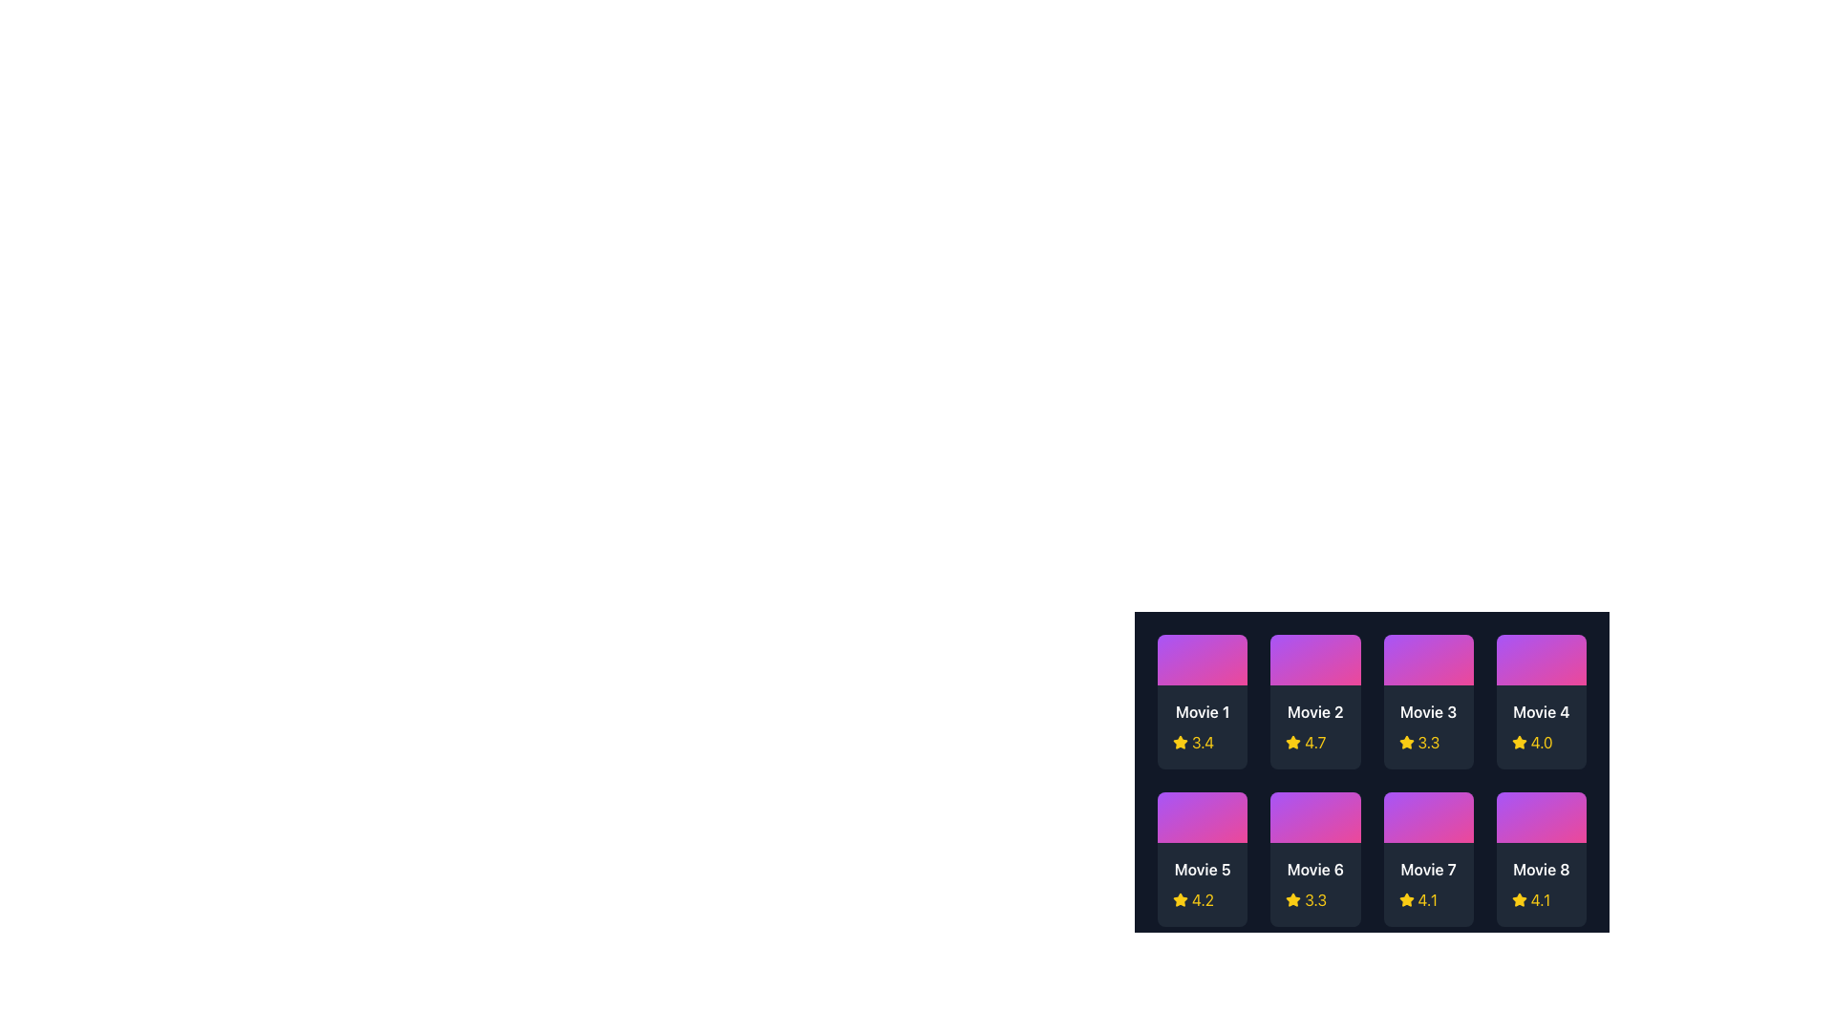  I want to click on the rectangular thumbnail box with a gradient background transitioning from purple to pink, so click(1428, 816).